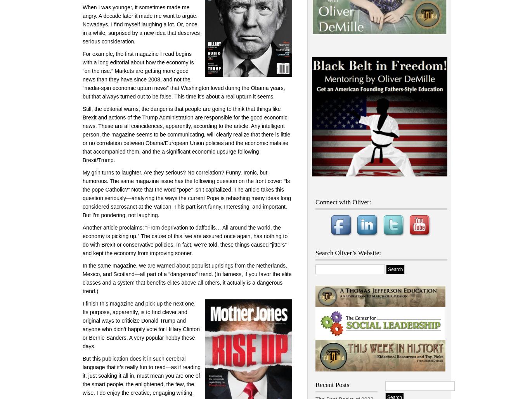 The image size is (530, 399). I want to click on 'Recent Posts', so click(315, 384).